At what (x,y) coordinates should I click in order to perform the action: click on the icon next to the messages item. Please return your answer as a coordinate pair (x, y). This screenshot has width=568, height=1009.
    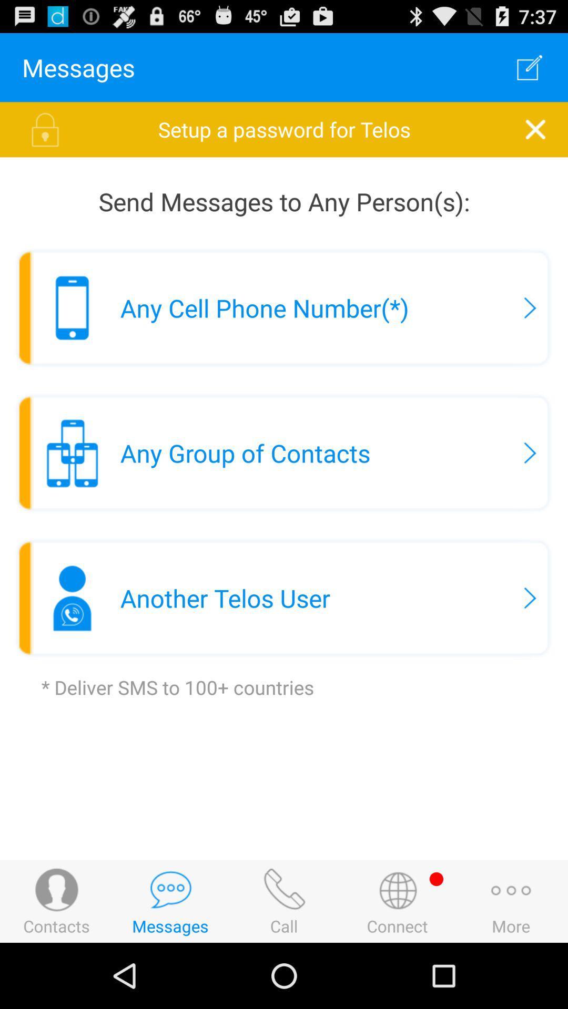
    Looking at the image, I should click on (530, 67).